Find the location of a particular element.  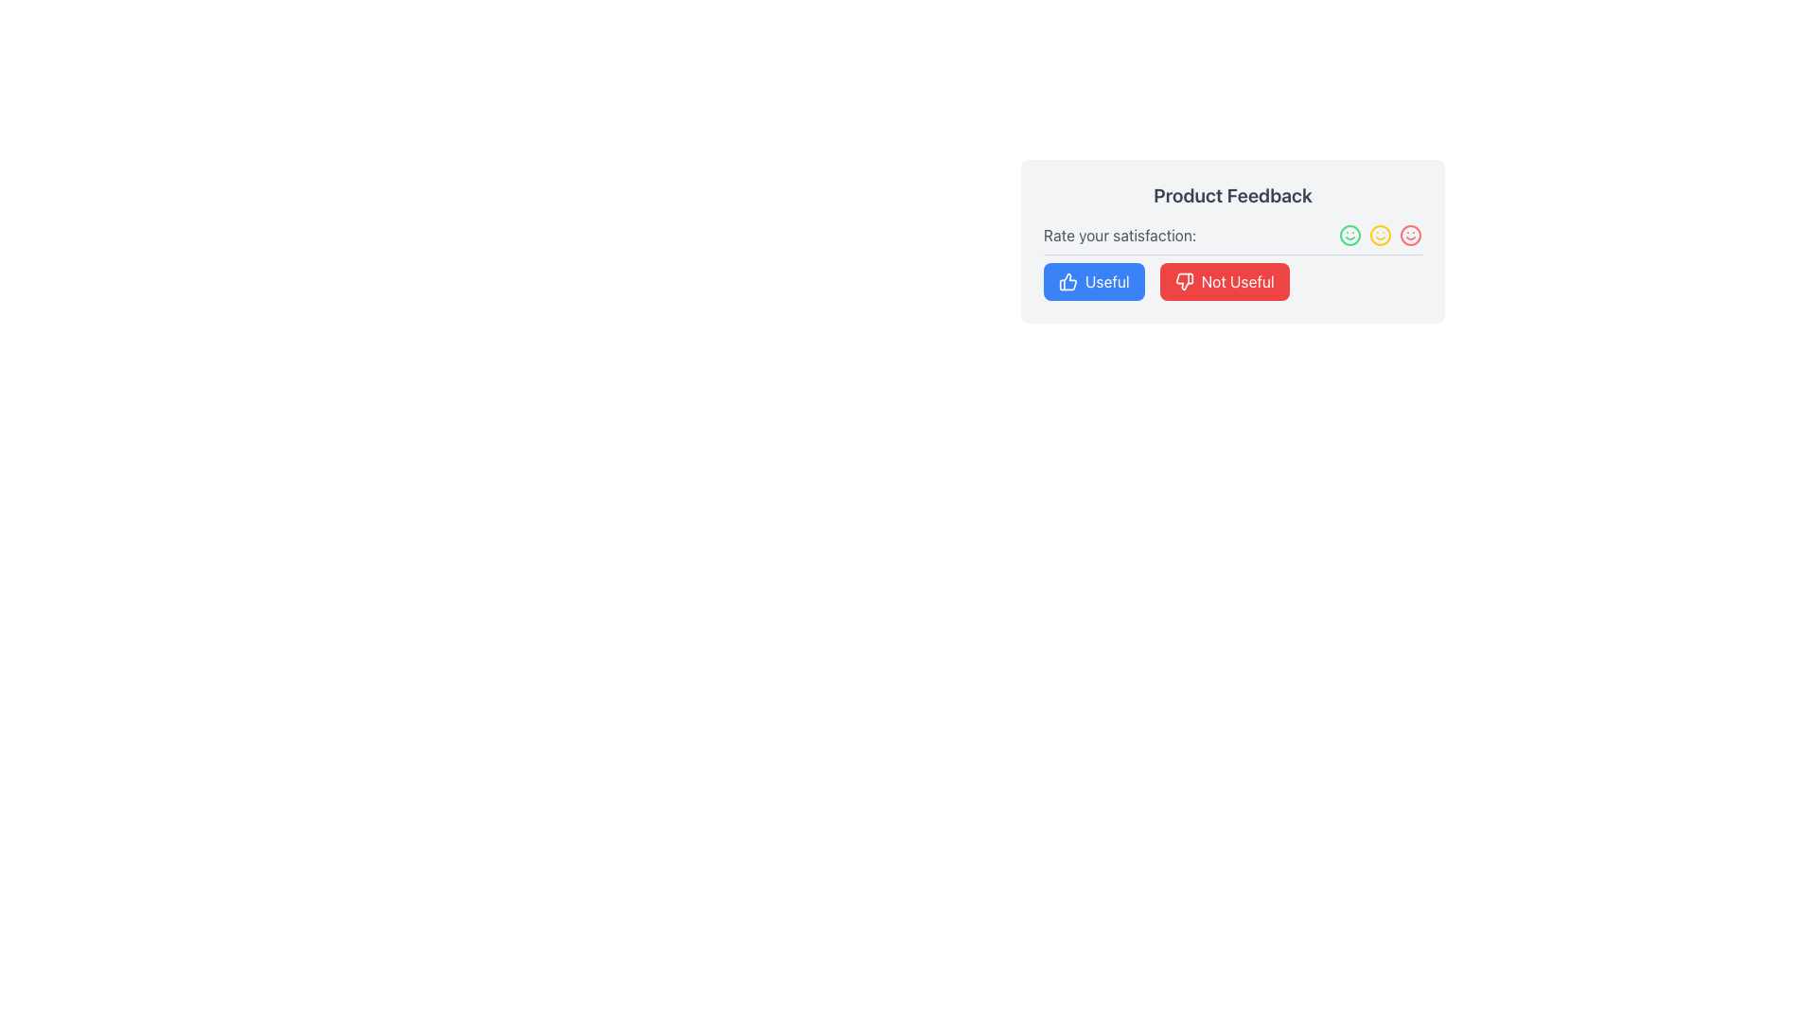

the neutral feedback icon, which is the second icon in a horizontal arrangement between a green smiling face icon on the left and a red sad face icon on the right is located at coordinates (1381, 235).